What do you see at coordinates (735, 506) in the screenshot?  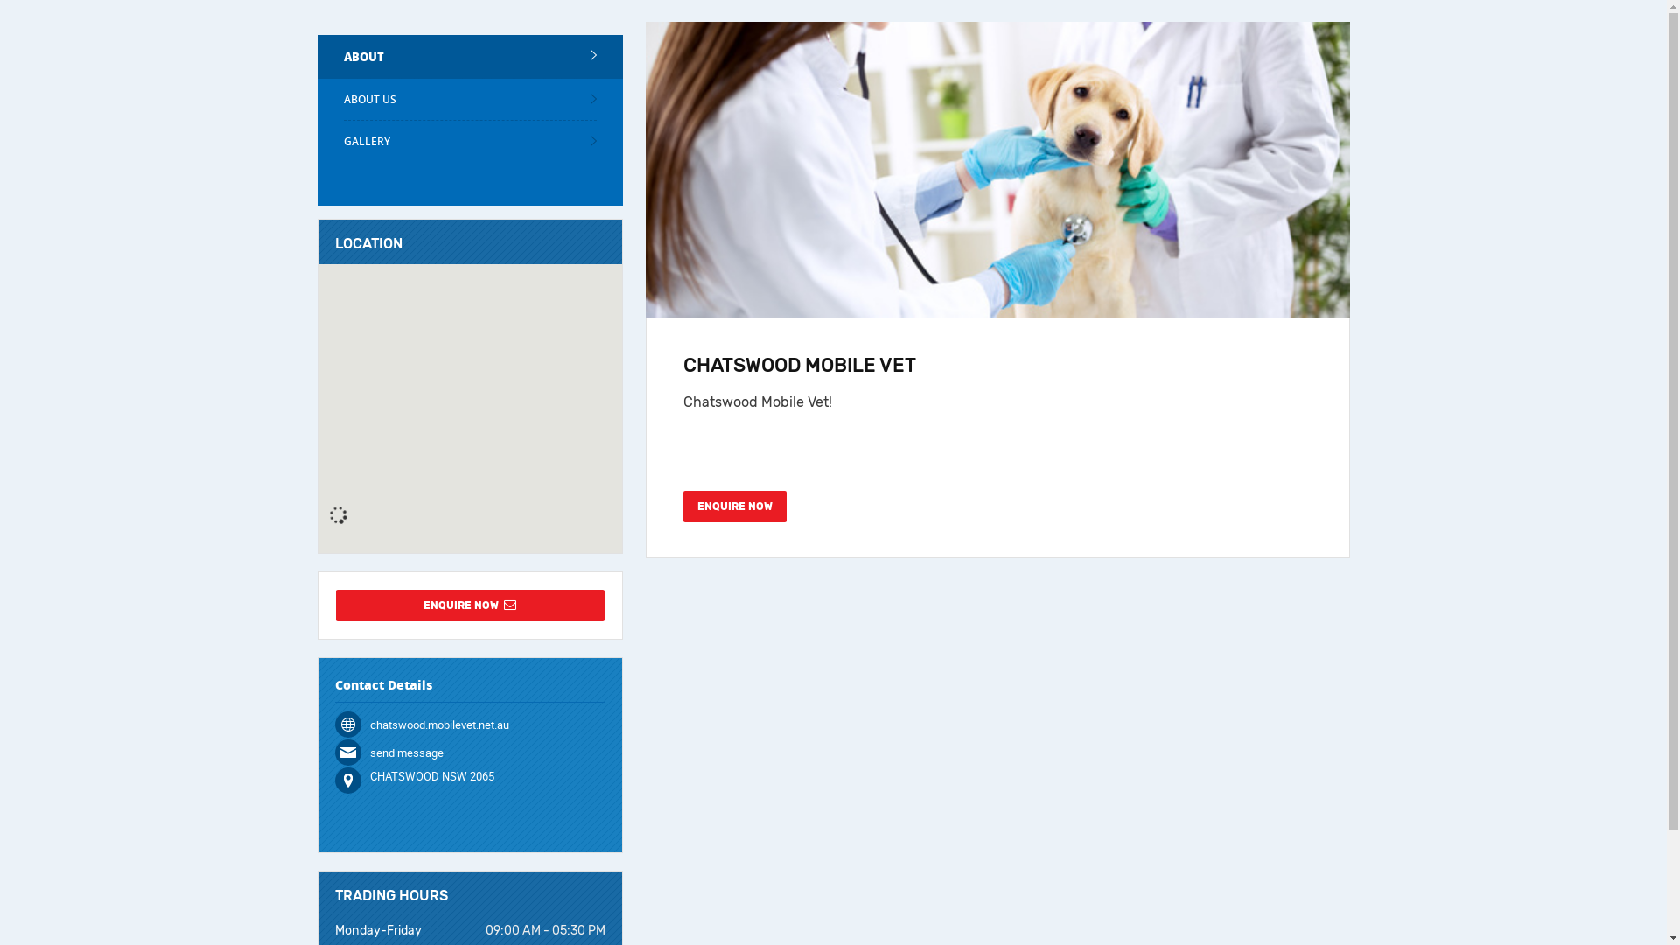 I see `'ENQUIRE NOW'` at bounding box center [735, 506].